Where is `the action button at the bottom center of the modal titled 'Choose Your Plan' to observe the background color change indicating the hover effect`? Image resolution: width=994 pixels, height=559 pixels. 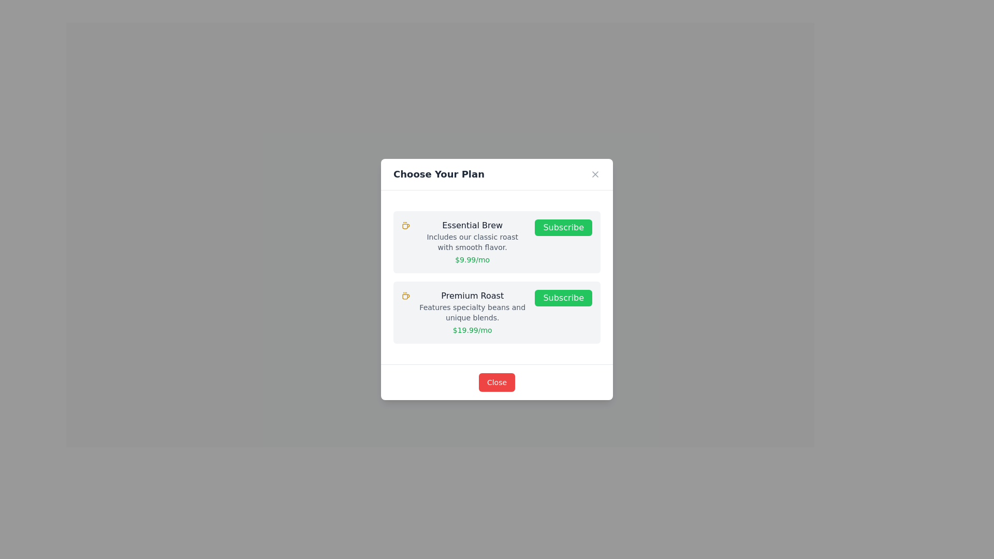 the action button at the bottom center of the modal titled 'Choose Your Plan' to observe the background color change indicating the hover effect is located at coordinates (497, 382).